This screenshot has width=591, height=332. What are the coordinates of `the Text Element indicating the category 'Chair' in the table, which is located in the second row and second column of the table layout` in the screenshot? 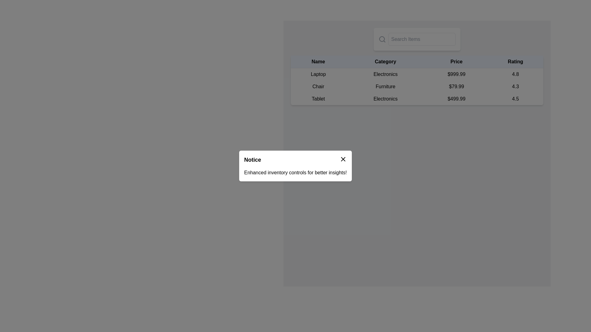 It's located at (385, 86).